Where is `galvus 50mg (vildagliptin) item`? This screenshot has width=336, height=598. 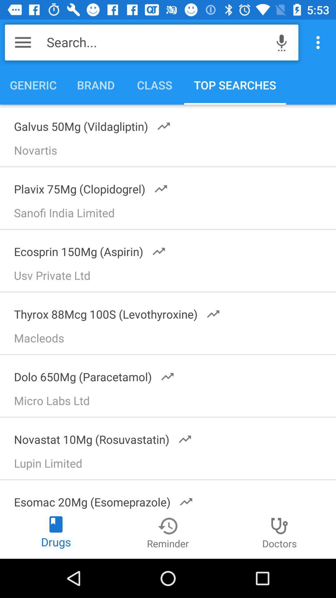
galvus 50mg (vildagliptin) item is located at coordinates (88, 124).